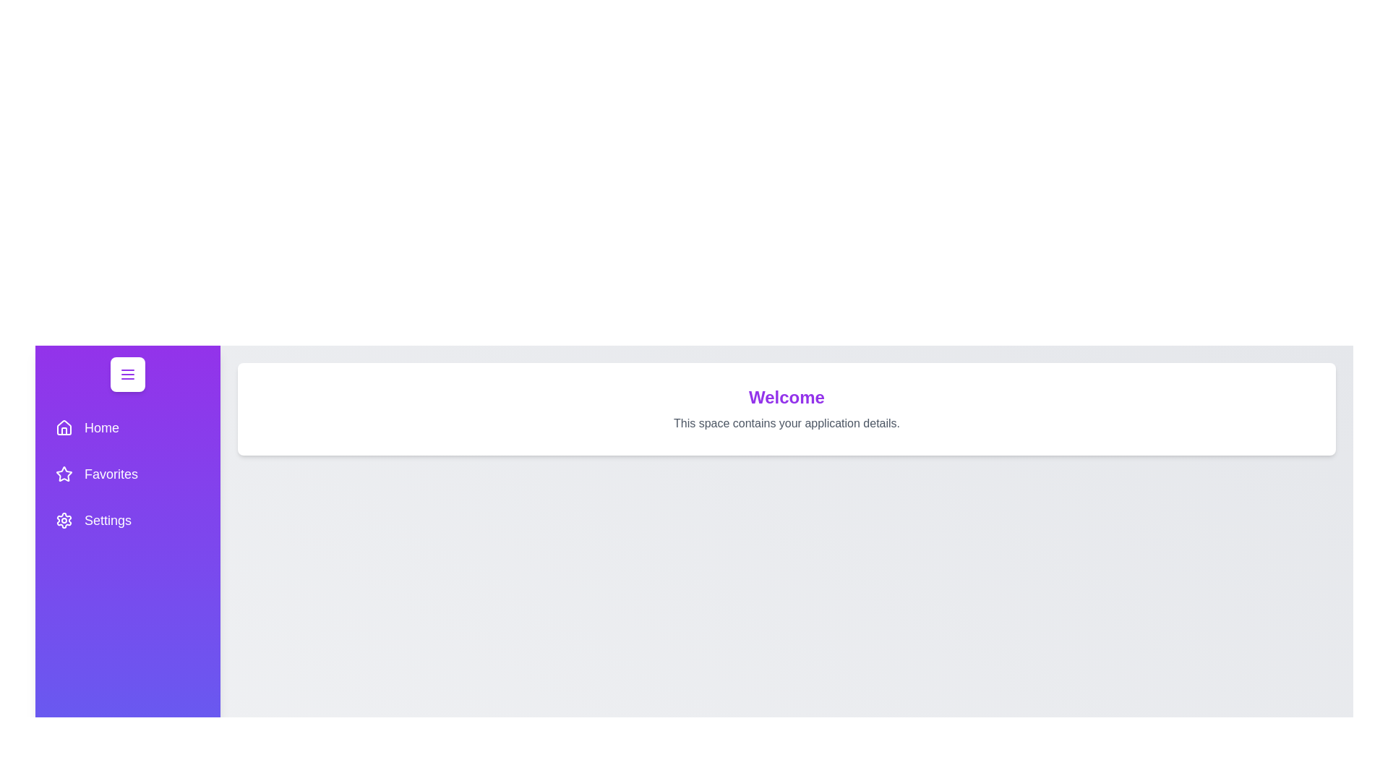 This screenshot has width=1388, height=781. I want to click on the menu button to toggle the drawer, so click(128, 373).